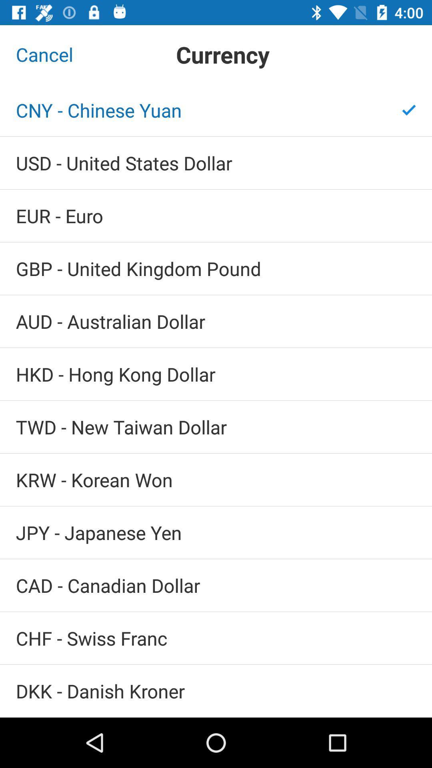  Describe the element at coordinates (216, 374) in the screenshot. I see `hkd hong kong item` at that location.